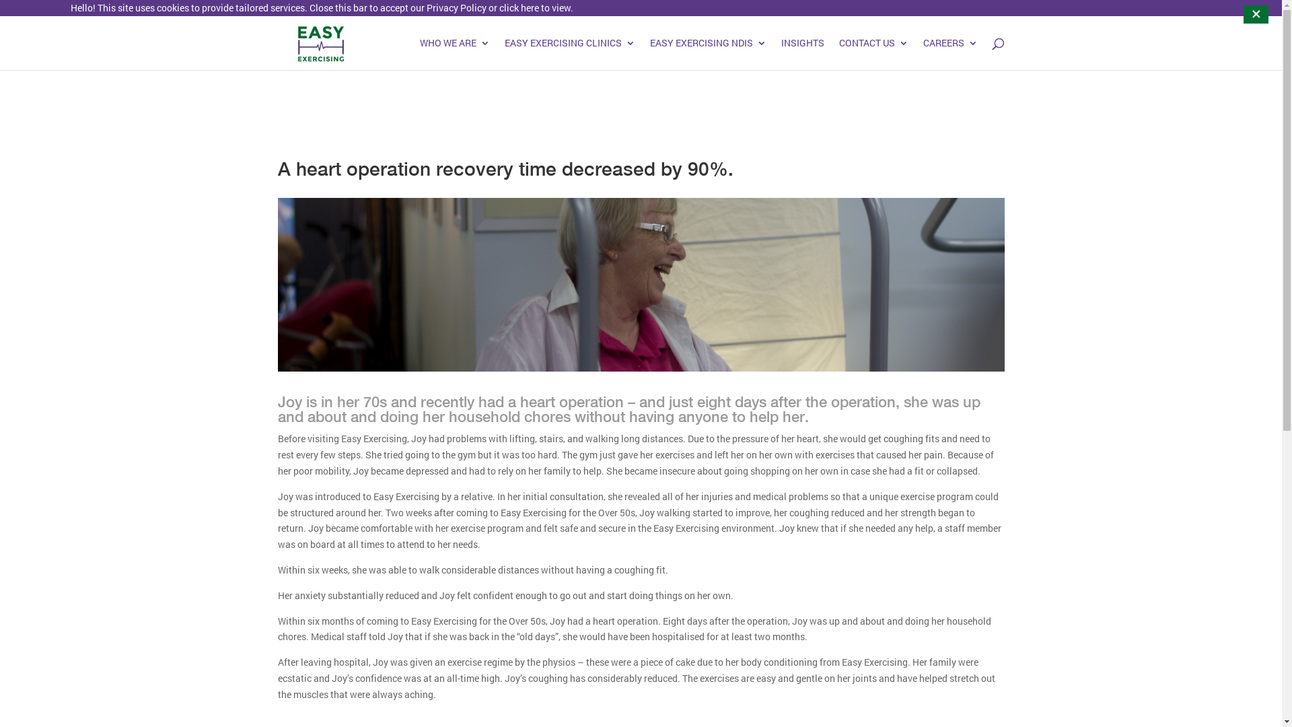  What do you see at coordinates (499, 7) in the screenshot?
I see `'click here'` at bounding box center [499, 7].